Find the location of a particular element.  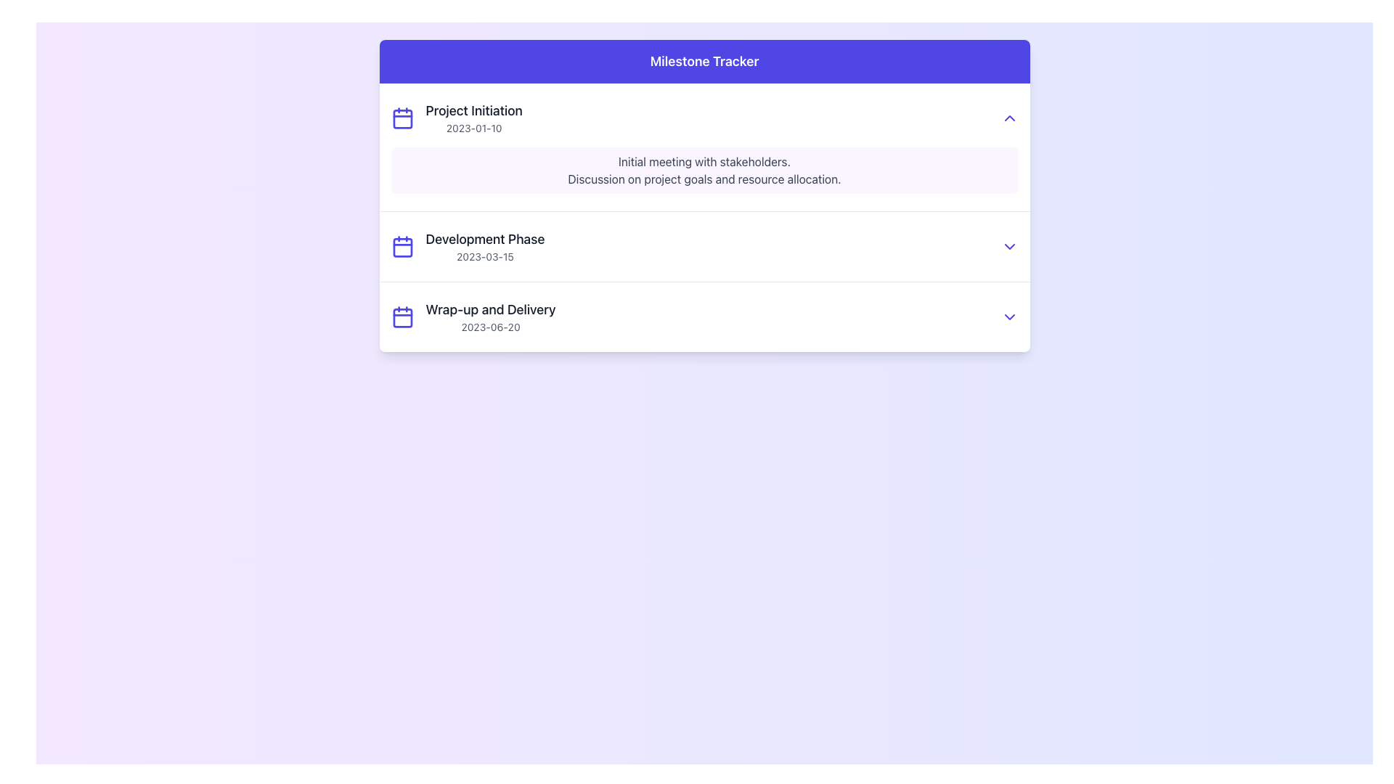

the title element '2023-01-10' in the Milestone Tracker section, which serves as a heading for a project milestone entry is located at coordinates (474, 110).